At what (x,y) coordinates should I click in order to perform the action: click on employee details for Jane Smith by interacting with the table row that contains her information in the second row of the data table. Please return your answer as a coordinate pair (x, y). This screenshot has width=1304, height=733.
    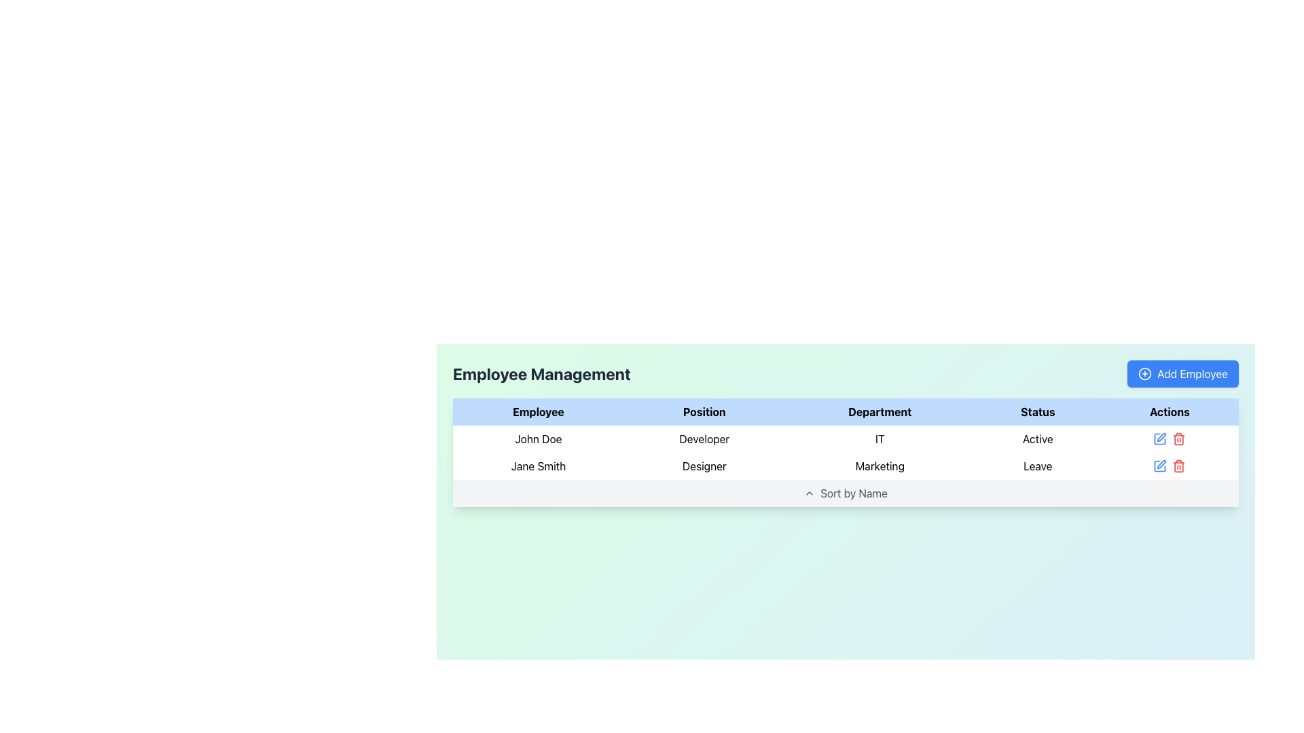
    Looking at the image, I should click on (845, 453).